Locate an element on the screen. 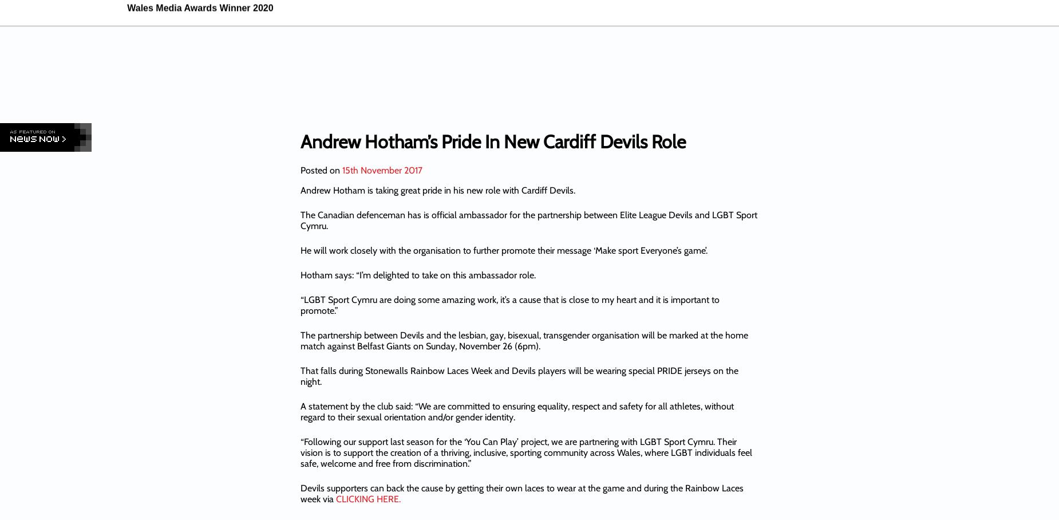 The image size is (1059, 520). 'Home' is located at coordinates (430, 64).